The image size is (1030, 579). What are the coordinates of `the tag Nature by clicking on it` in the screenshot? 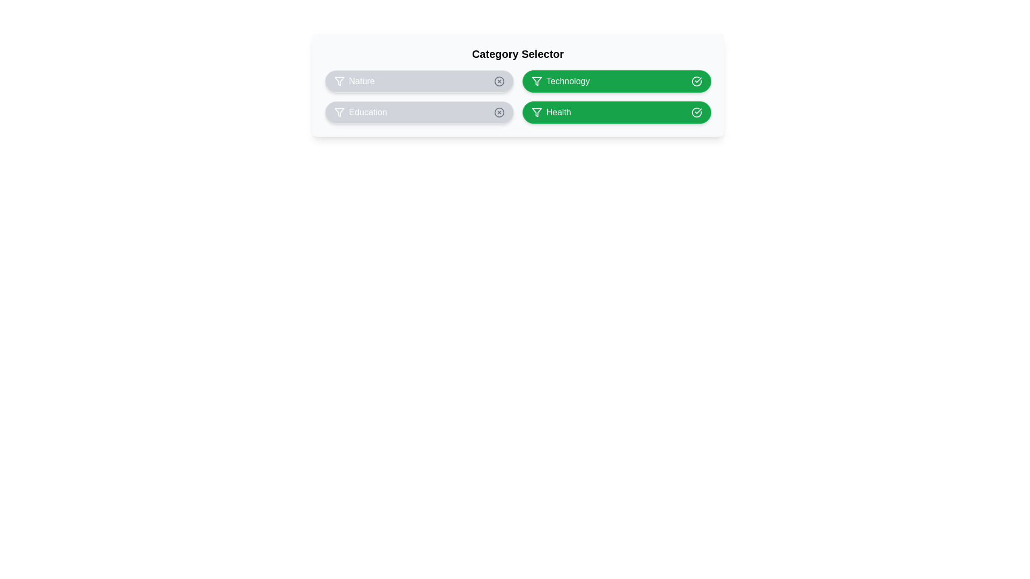 It's located at (418, 80).